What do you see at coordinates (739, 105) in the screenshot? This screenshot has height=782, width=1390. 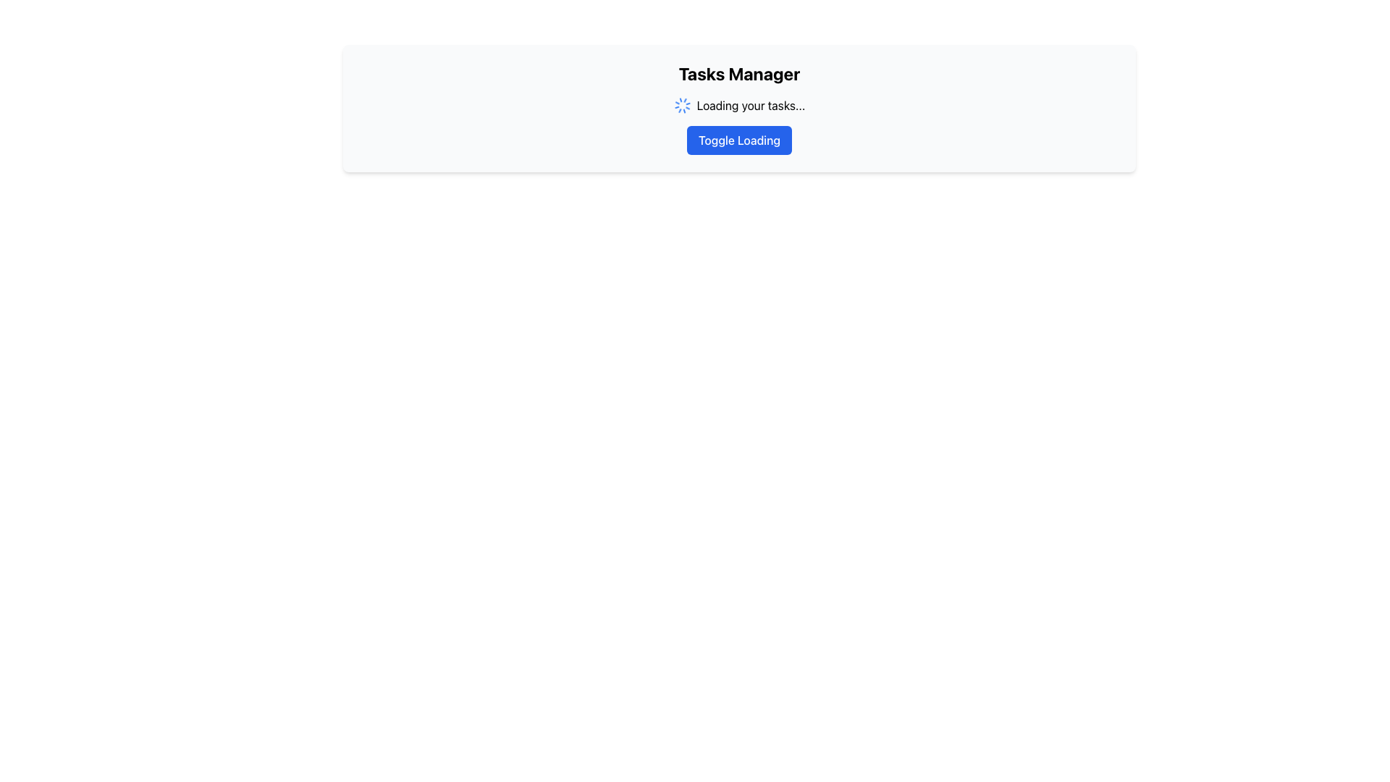 I see `the Loading Indicator with Text that displays 'Loading your tasks...' and a spinning loader icon, located below the 'Tasks Manager' heading and above the 'Toggle Loading' button` at bounding box center [739, 105].